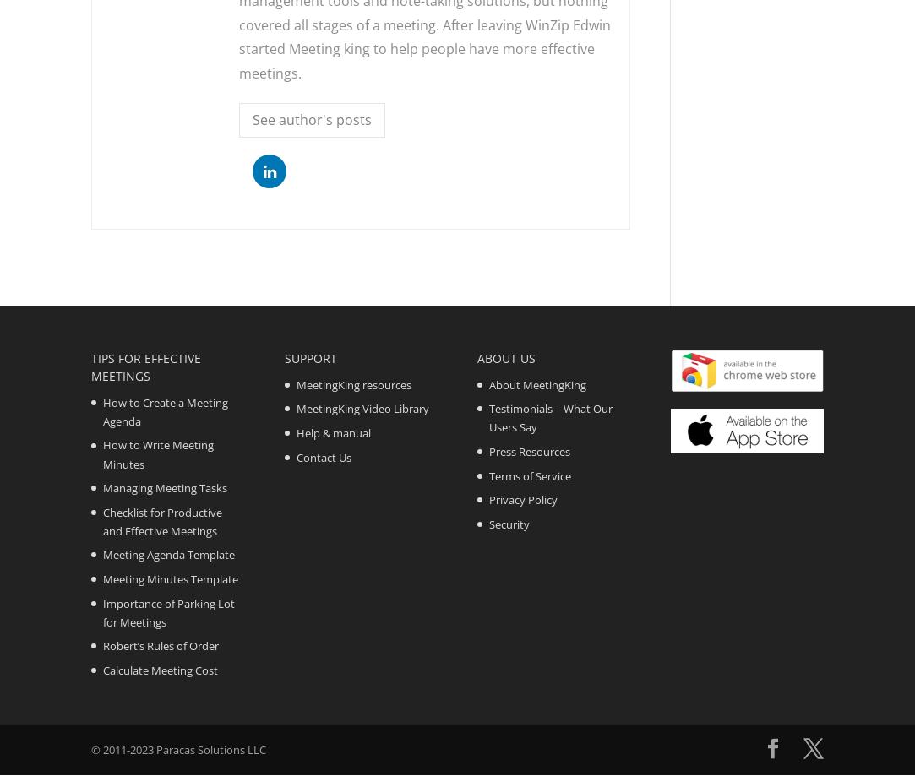  What do you see at coordinates (103, 670) in the screenshot?
I see `'Calculate Meeting Cost'` at bounding box center [103, 670].